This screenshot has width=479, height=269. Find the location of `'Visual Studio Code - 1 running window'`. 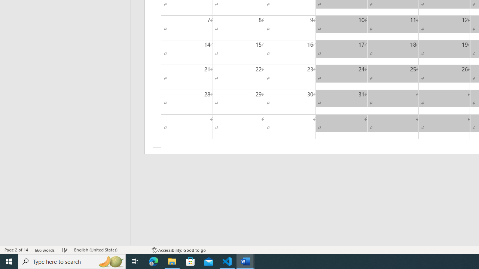

'Visual Studio Code - 1 running window' is located at coordinates (227, 261).